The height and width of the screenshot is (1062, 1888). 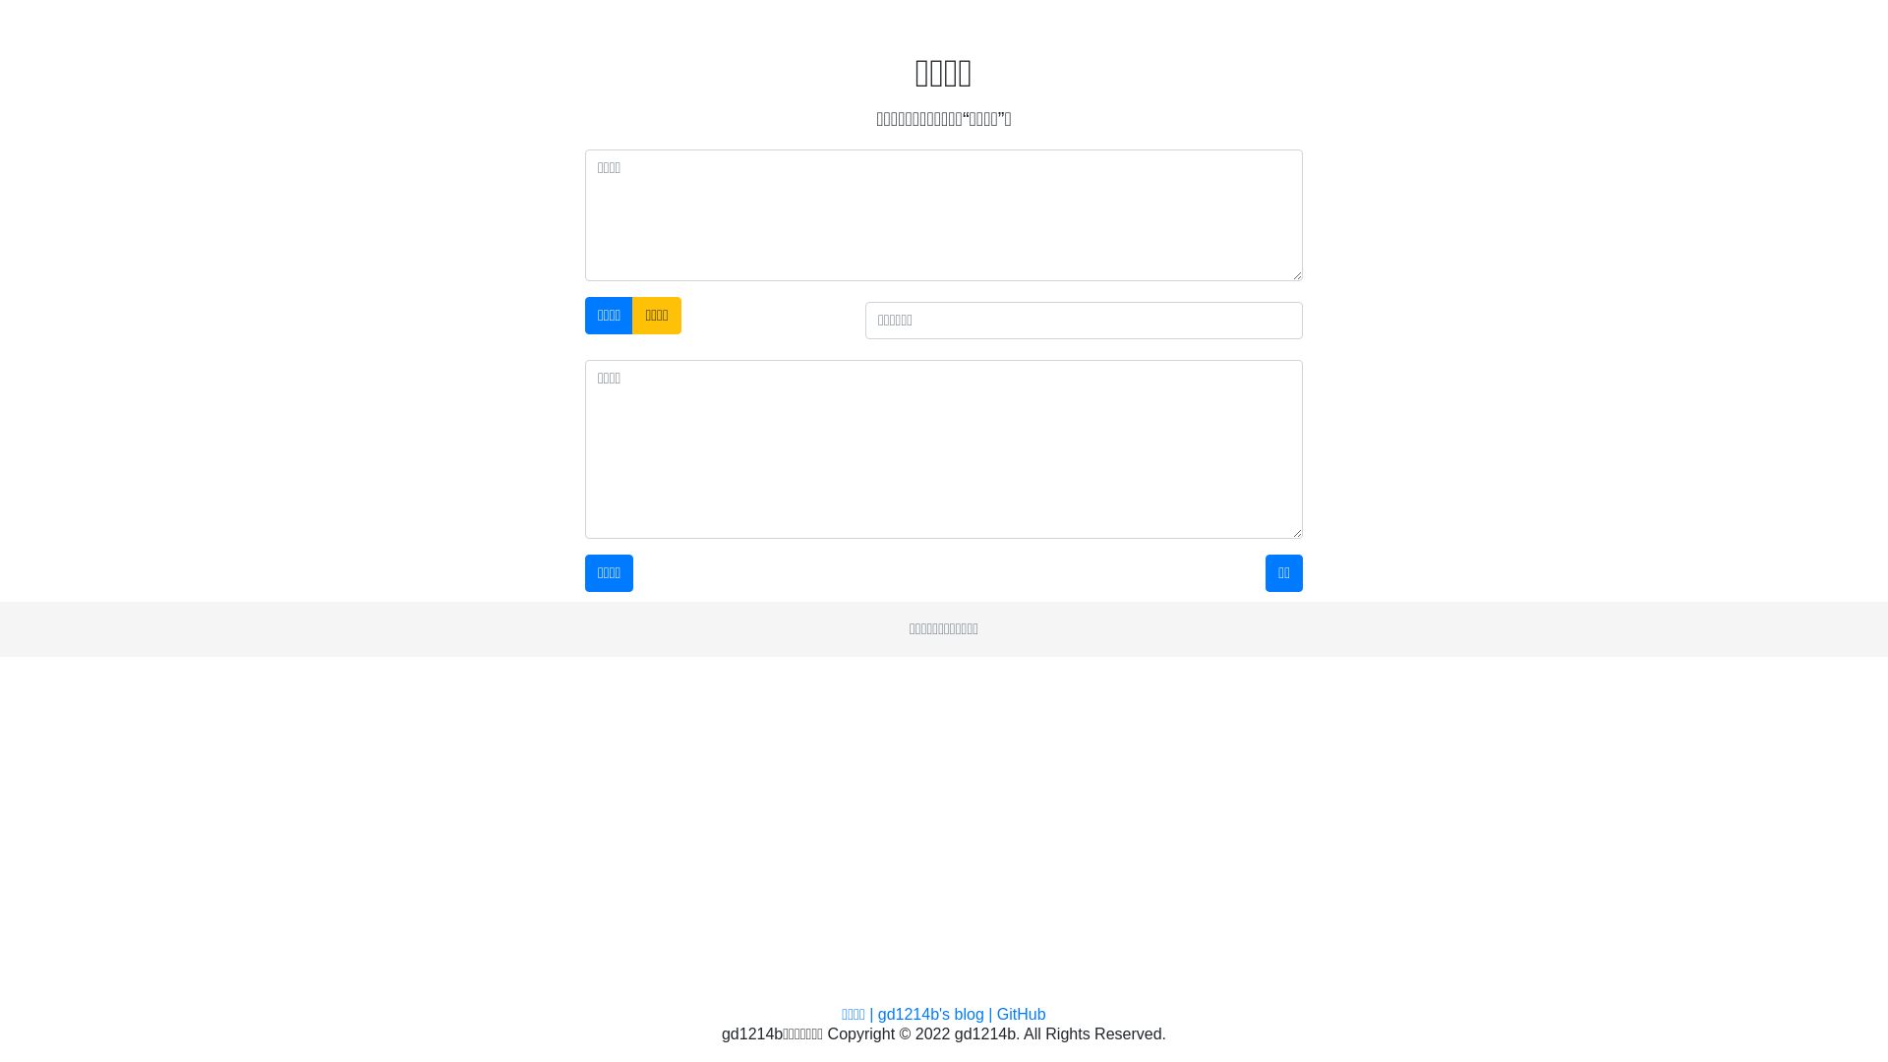 I want to click on 'GitHub', so click(x=1021, y=1014).